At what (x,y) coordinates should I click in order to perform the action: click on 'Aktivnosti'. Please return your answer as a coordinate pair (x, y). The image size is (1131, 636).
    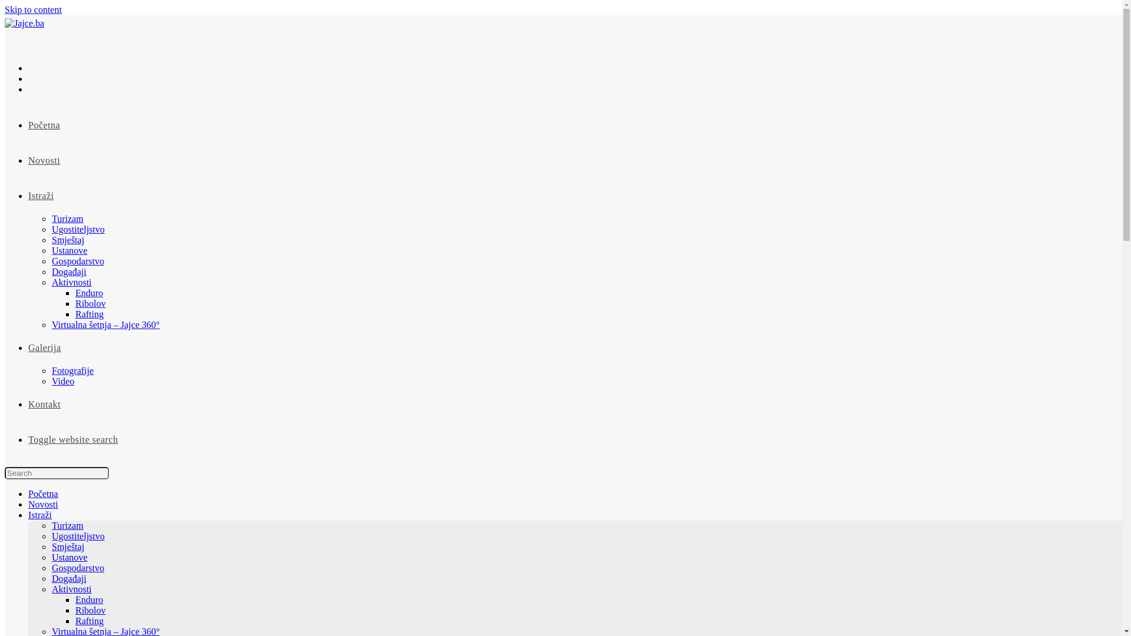
    Looking at the image, I should click on (71, 589).